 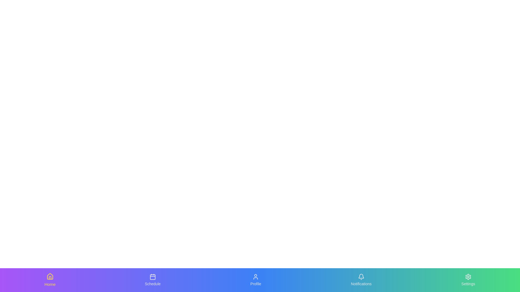 I want to click on the Schedule tab to activate it, so click(x=152, y=280).